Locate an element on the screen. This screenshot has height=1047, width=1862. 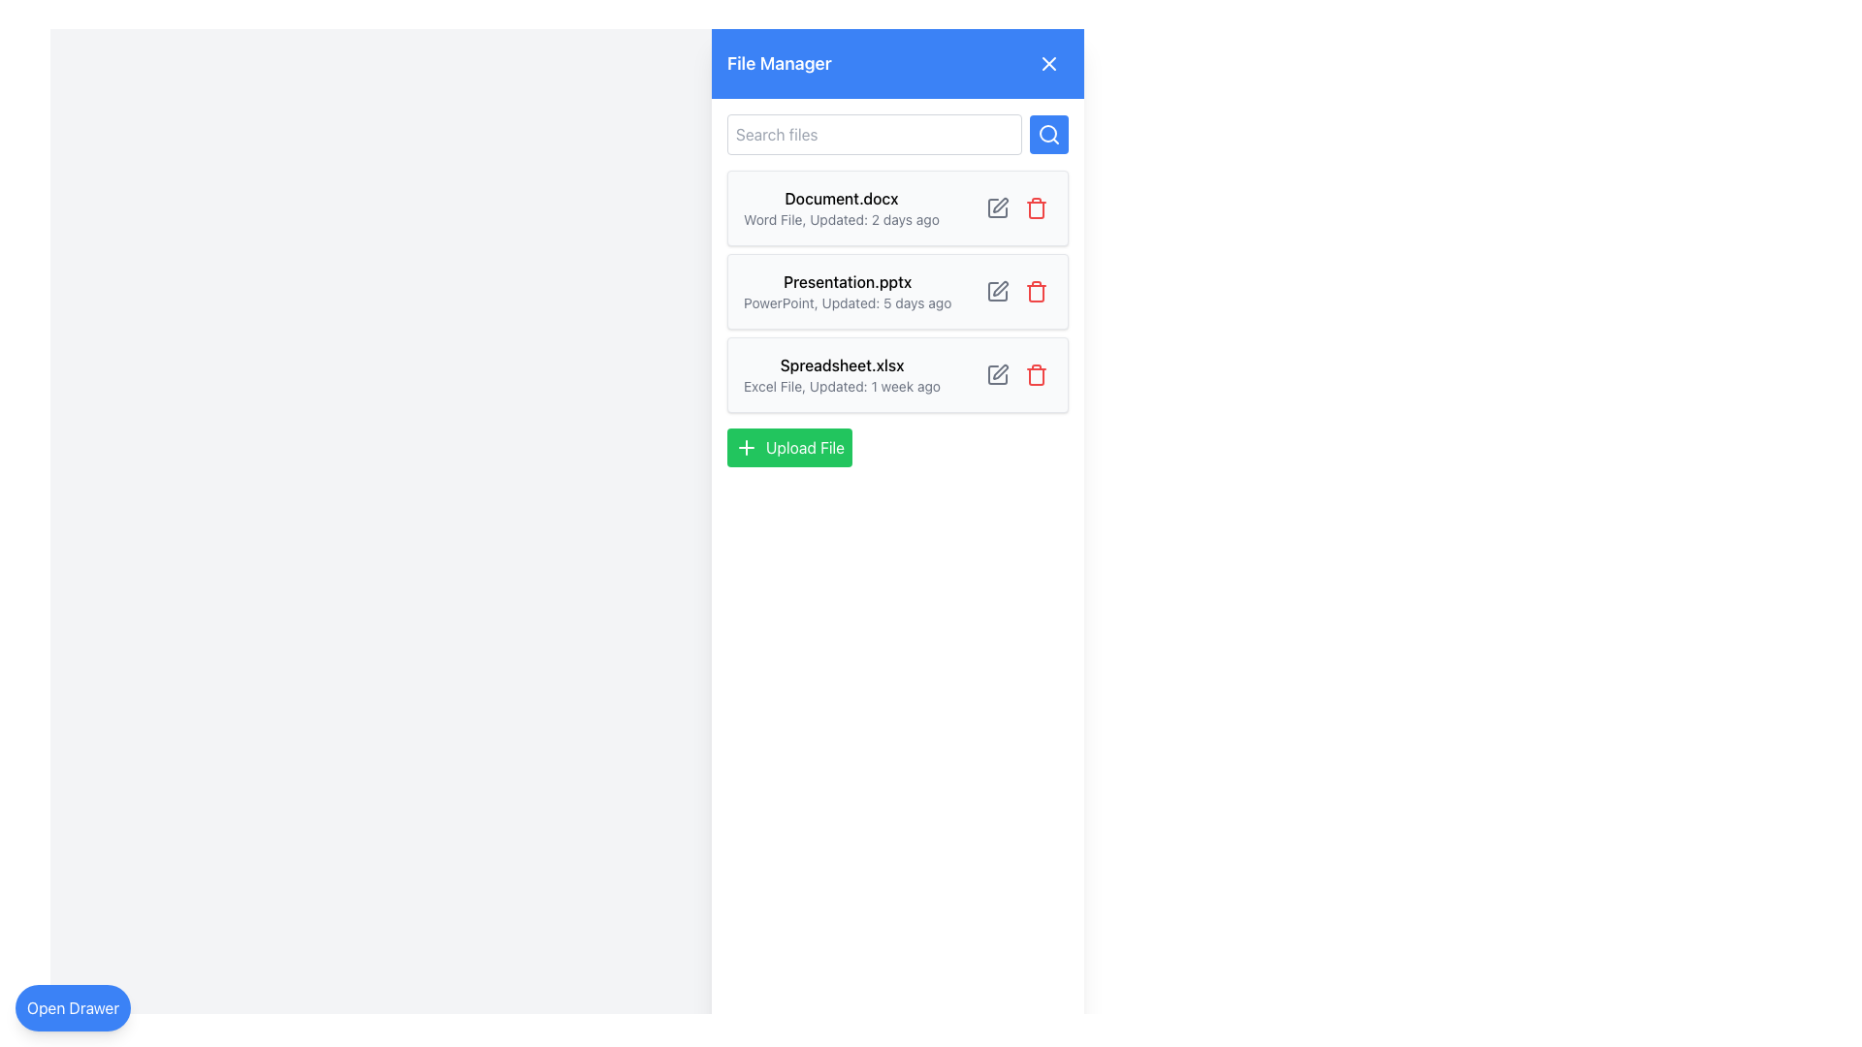
the icon button located to the immediate right of the 'Presentation.pptx' file in the second row of the document list is located at coordinates (1001, 288).